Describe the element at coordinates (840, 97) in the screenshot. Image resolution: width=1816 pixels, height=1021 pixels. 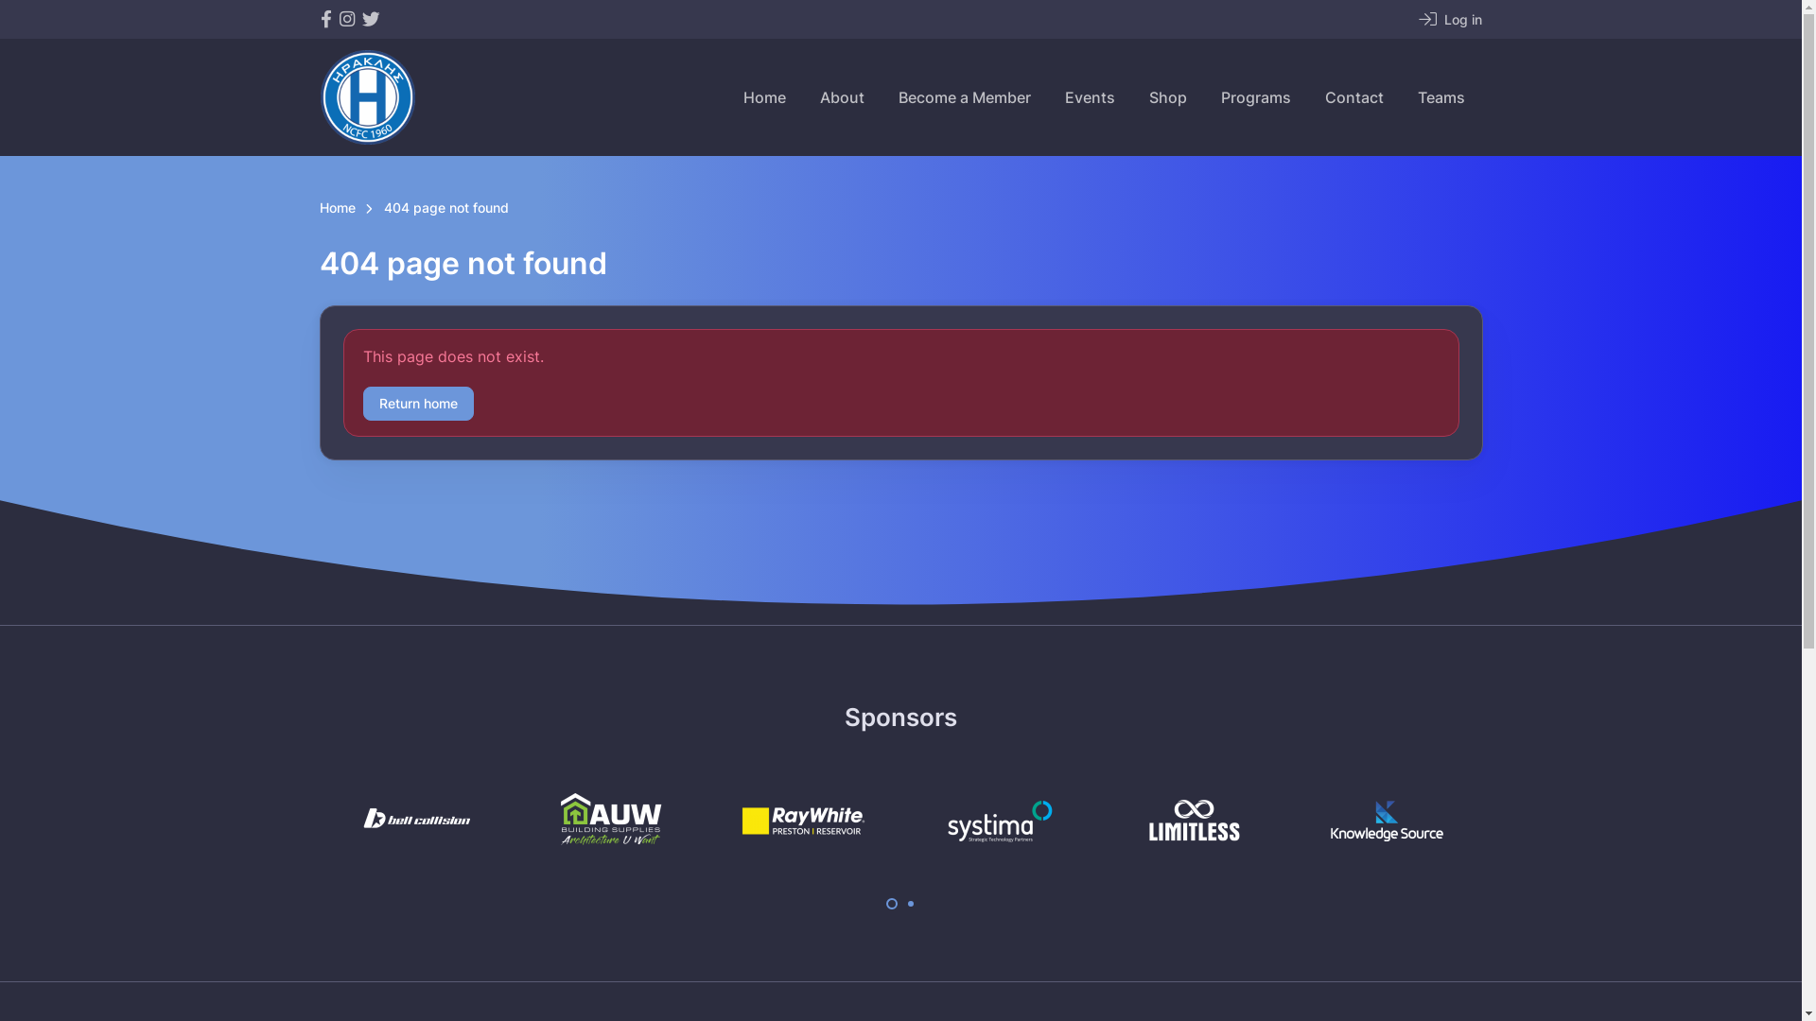
I see `'About'` at that location.